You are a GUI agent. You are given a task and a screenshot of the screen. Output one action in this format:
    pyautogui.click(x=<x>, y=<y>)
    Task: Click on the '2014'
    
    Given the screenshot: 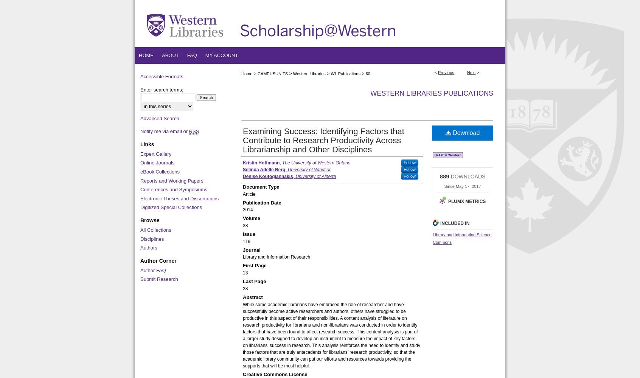 What is the action you would take?
    pyautogui.click(x=247, y=210)
    